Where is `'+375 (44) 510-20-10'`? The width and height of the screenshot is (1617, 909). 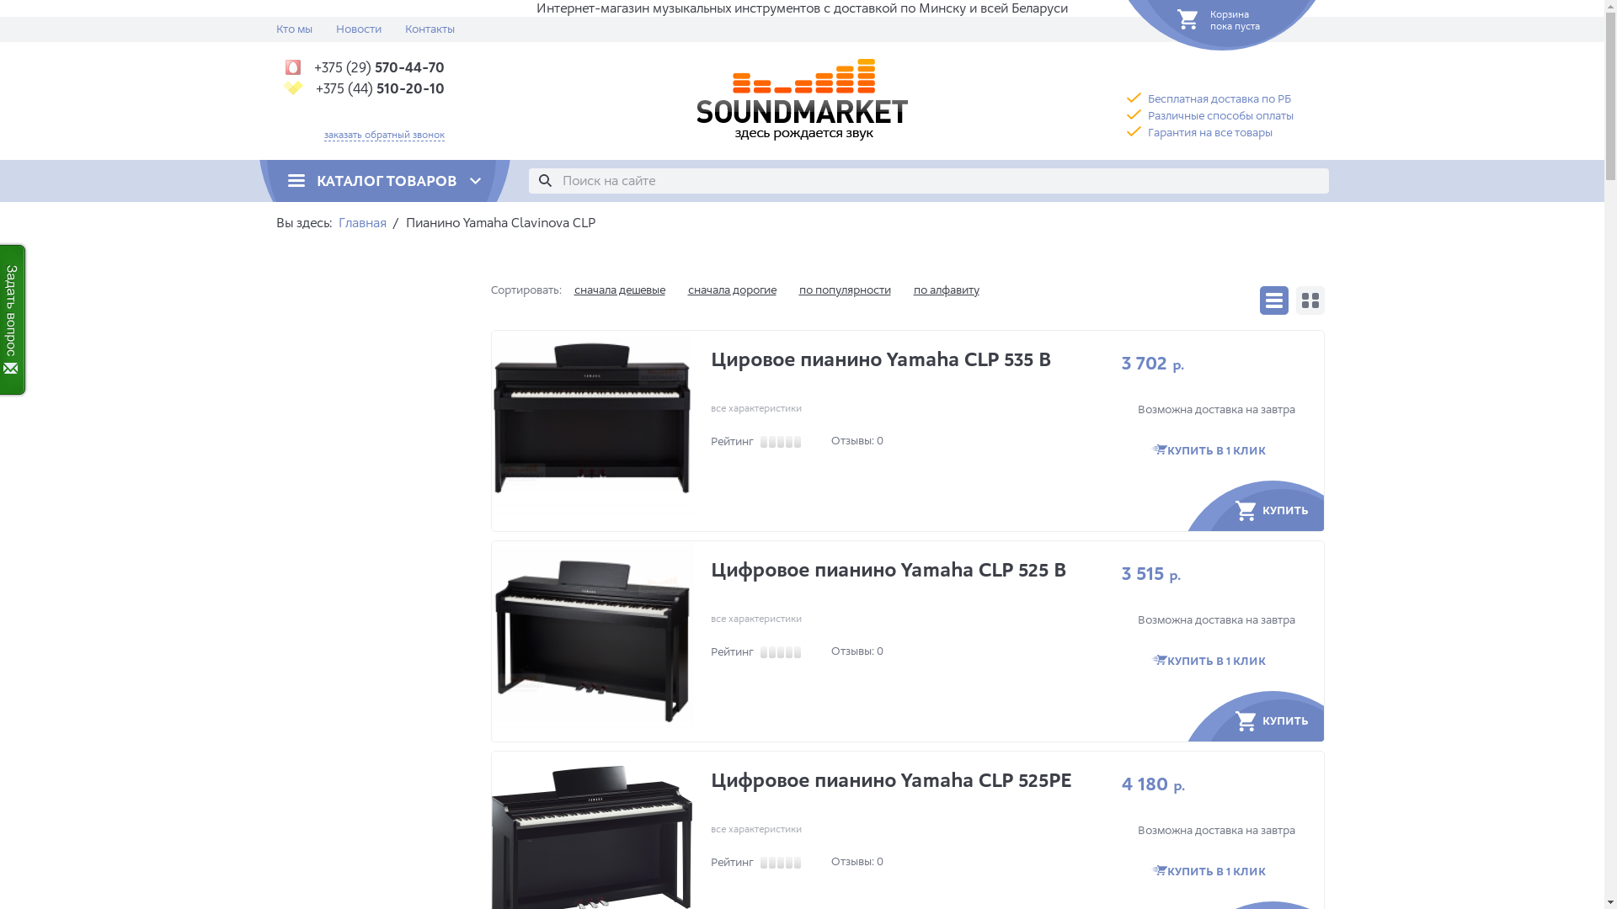
'+375 (44) 510-20-10' is located at coordinates (275, 88).